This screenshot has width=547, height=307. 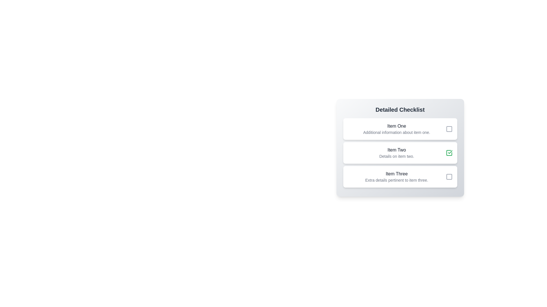 What do you see at coordinates (400, 152) in the screenshot?
I see `the list item labeled 'Item Two' in the Detailed Checklist to mark it as done` at bounding box center [400, 152].